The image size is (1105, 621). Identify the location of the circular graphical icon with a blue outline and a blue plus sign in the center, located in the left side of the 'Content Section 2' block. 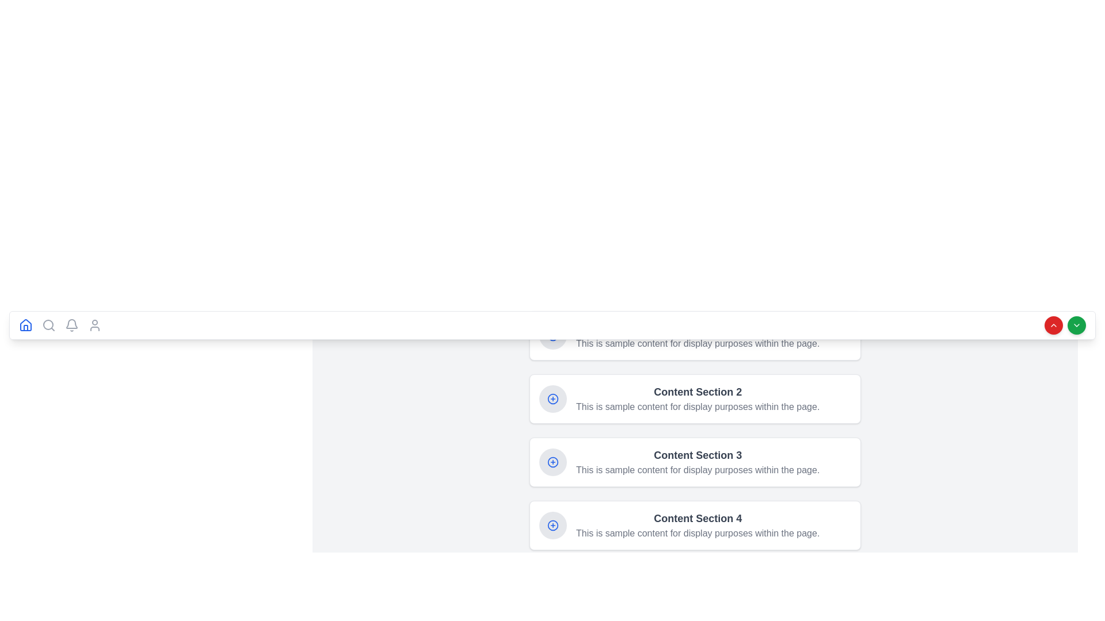
(552, 398).